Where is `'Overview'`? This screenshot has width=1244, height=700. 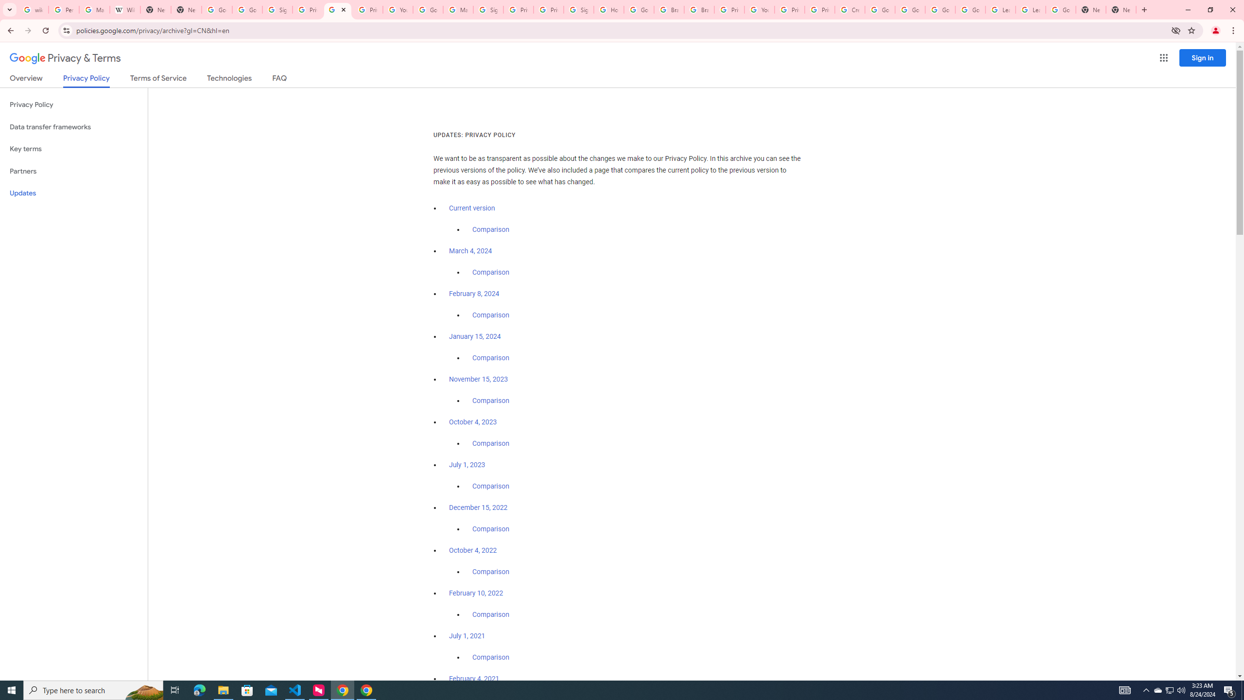 'Overview' is located at coordinates (25, 80).